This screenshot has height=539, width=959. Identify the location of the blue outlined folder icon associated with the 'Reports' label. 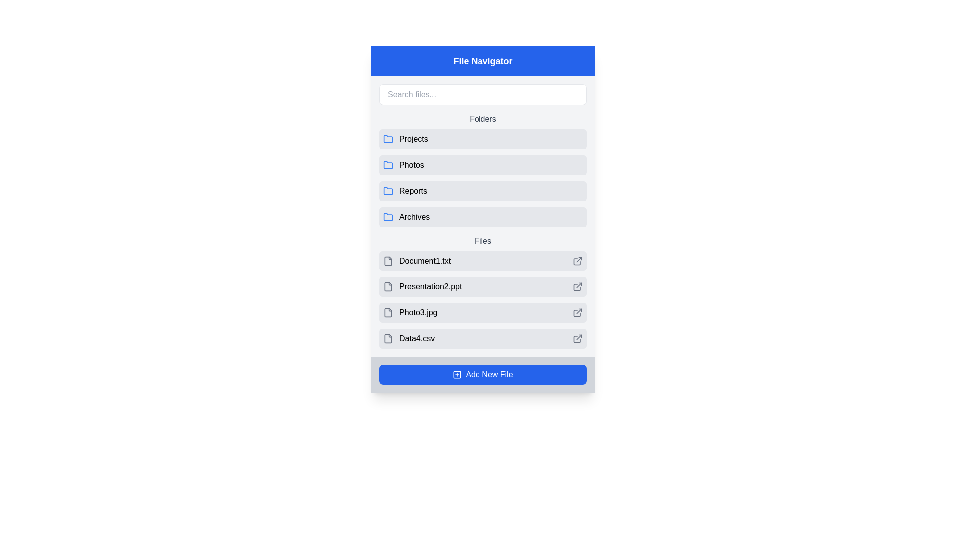
(388, 190).